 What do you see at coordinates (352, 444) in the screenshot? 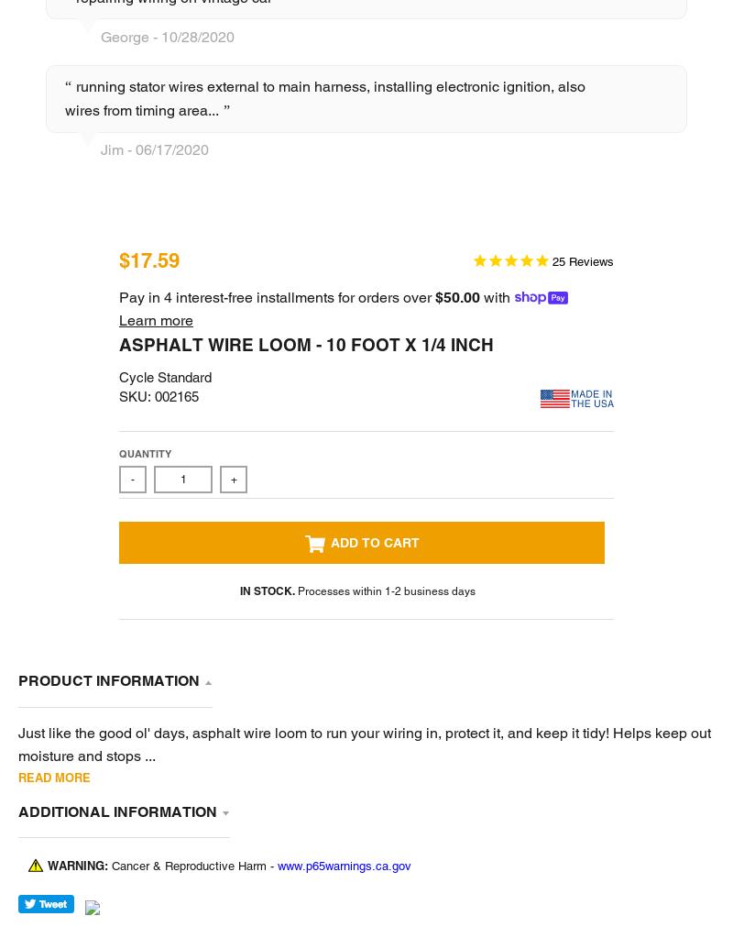
I see `'1'` at bounding box center [352, 444].